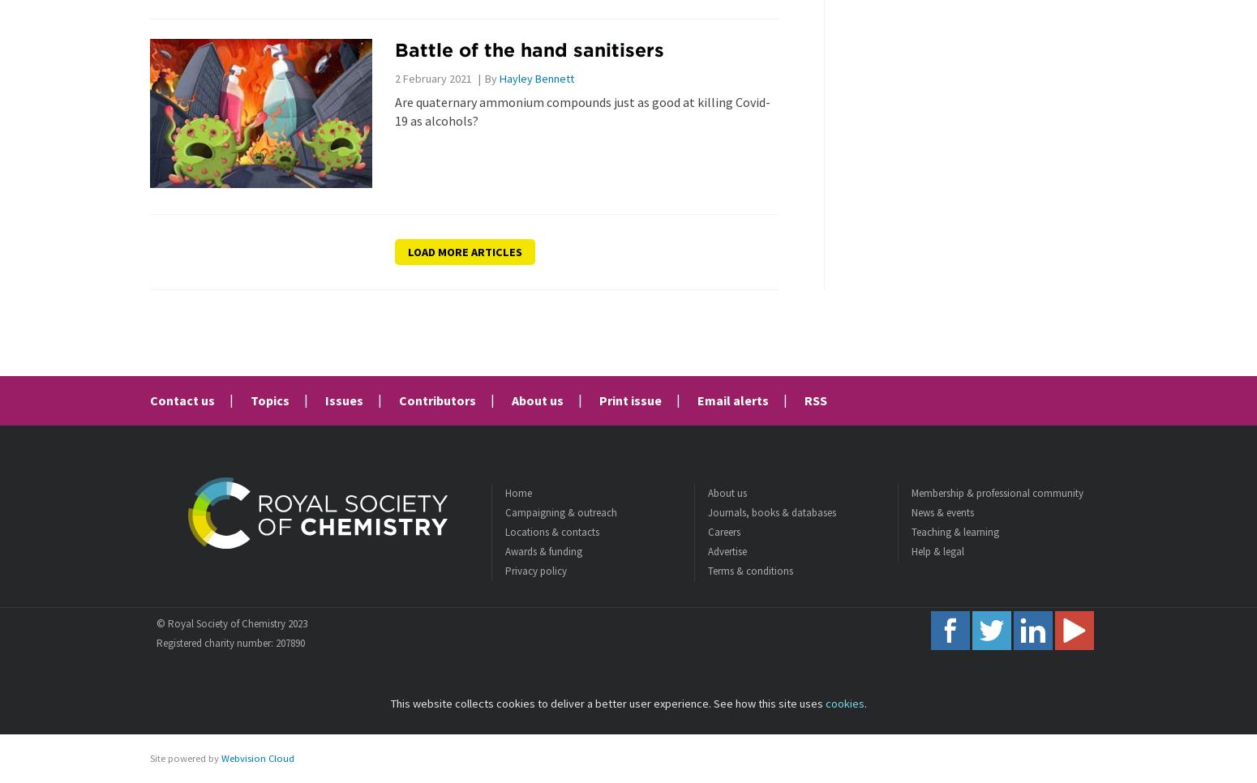 The width and height of the screenshot is (1257, 783). What do you see at coordinates (268, 400) in the screenshot?
I see `'Topics'` at bounding box center [268, 400].